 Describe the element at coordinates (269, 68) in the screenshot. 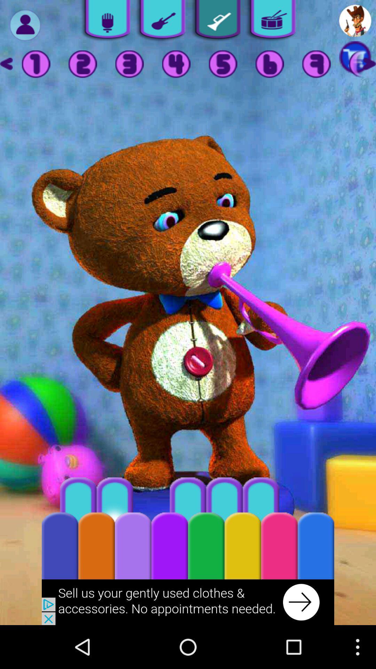

I see `the time icon` at that location.